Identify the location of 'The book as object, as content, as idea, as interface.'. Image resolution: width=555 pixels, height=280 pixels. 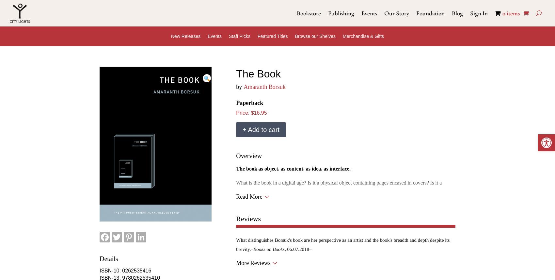
(293, 168).